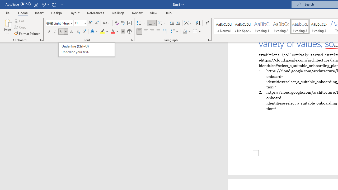 The height and width of the screenshot is (190, 338). I want to click on 'Undo Paragraph Alignment', so click(43, 4).